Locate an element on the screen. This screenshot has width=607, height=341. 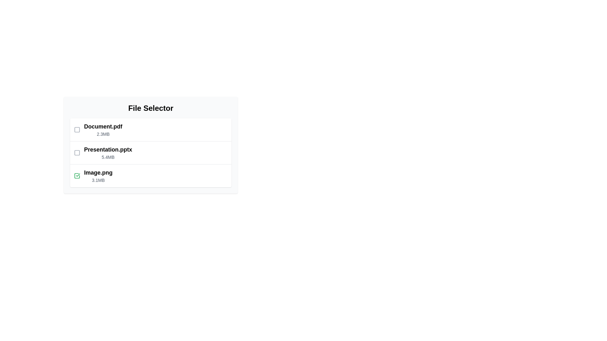
the file entry corresponding to Document.pdf is located at coordinates (150, 129).